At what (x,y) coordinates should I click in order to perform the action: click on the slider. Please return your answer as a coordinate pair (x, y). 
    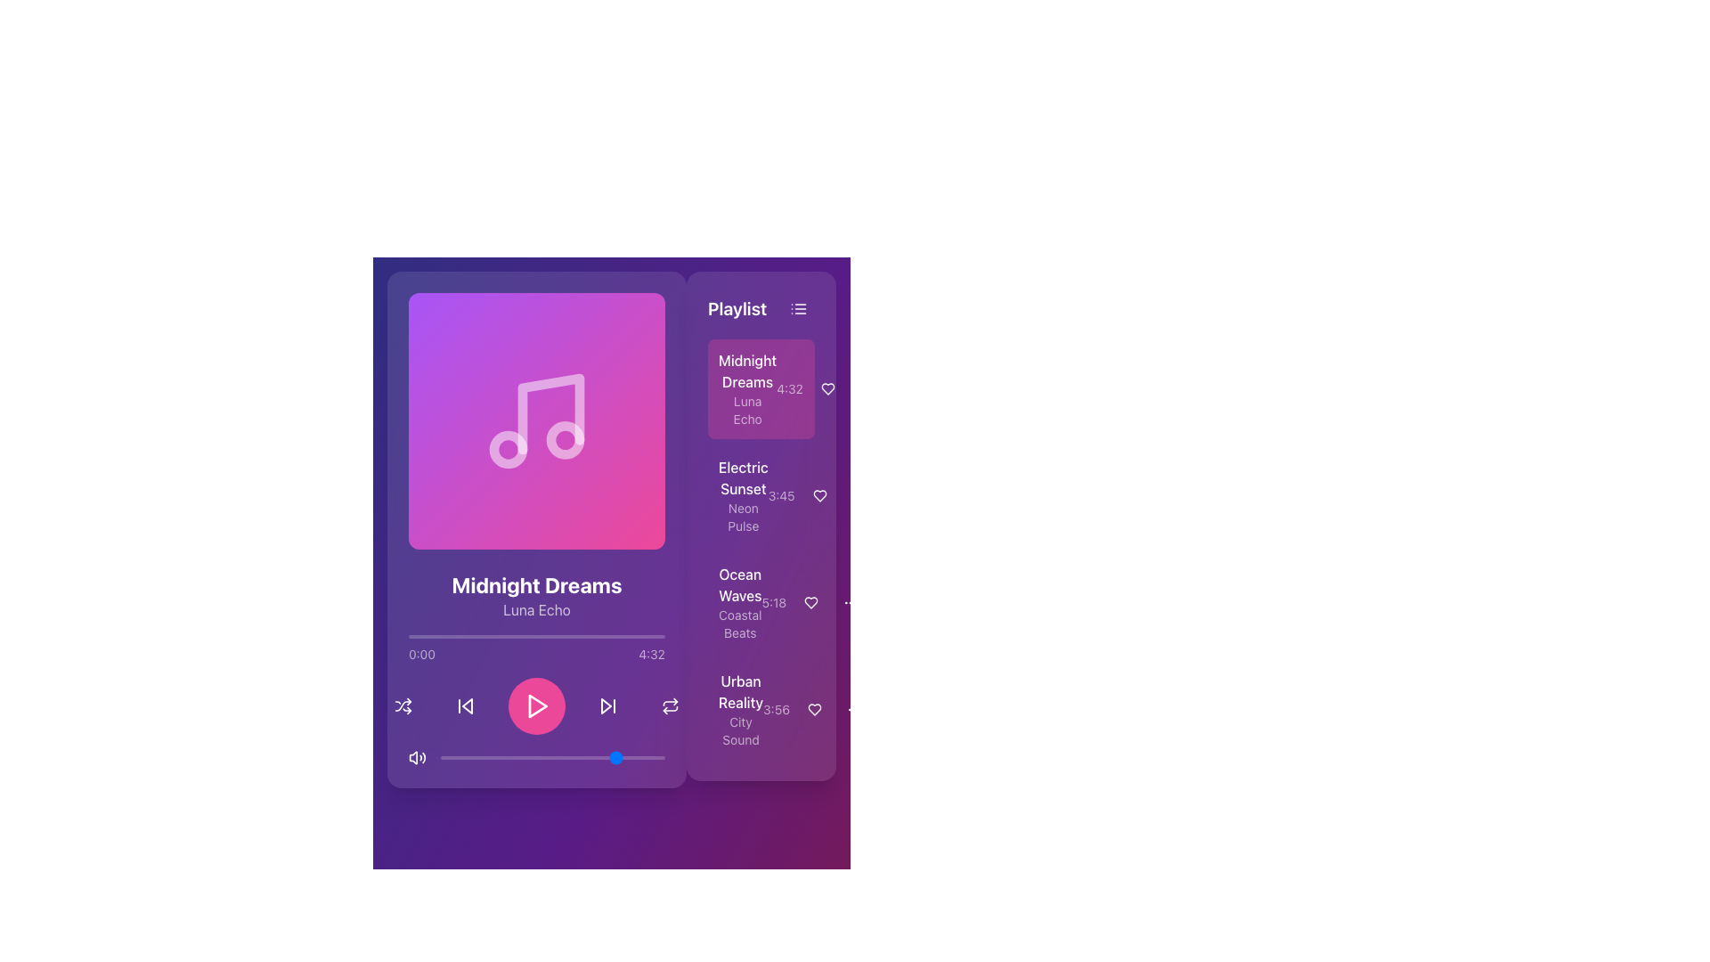
    Looking at the image, I should click on (614, 758).